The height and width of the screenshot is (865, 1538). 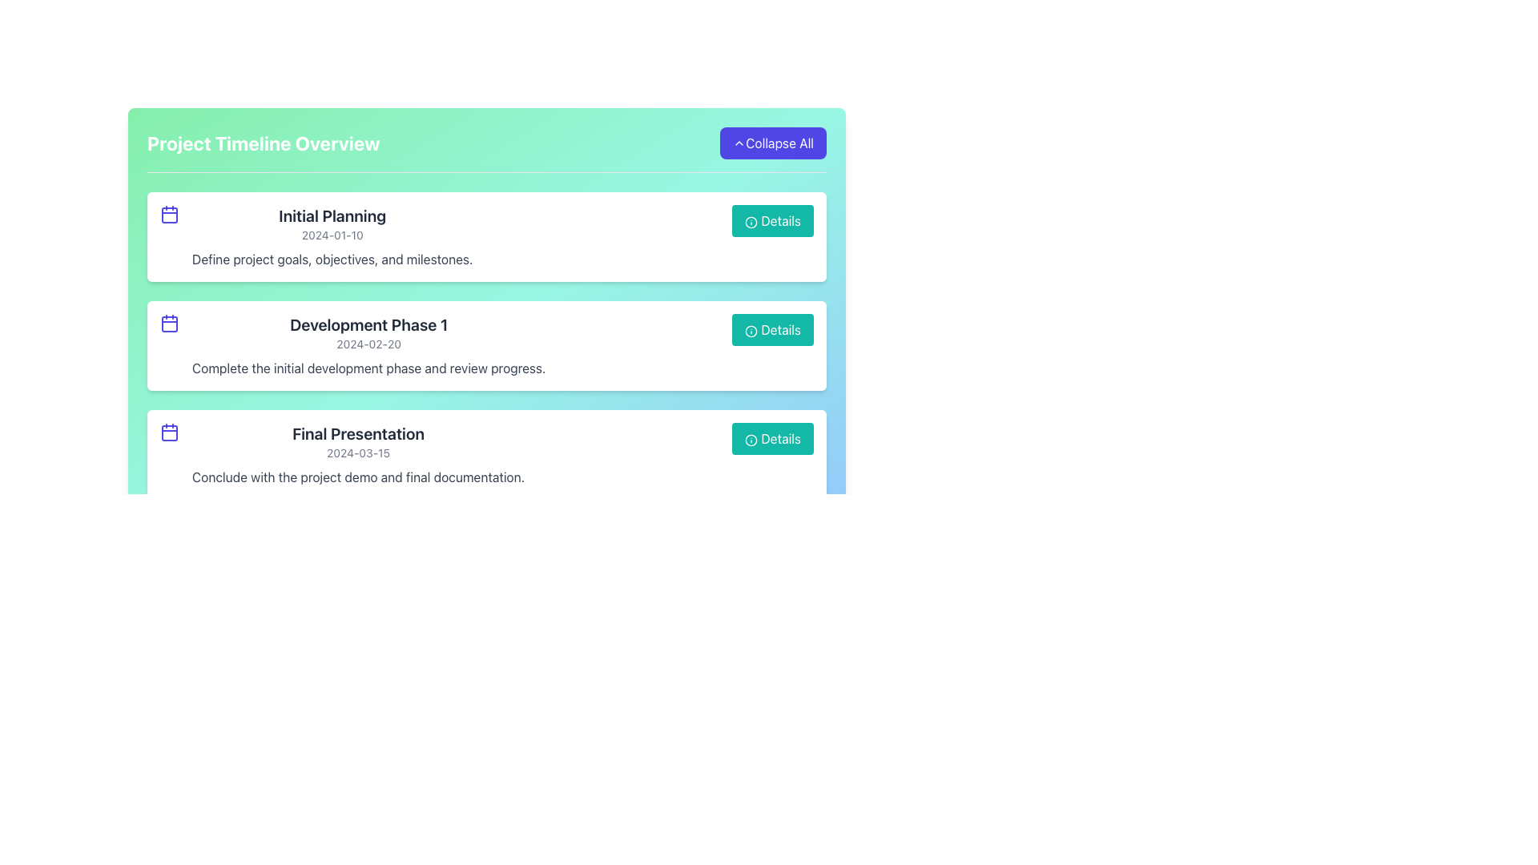 I want to click on the SVG rectangle element within the calendar icon associated with the 'Initial Planning' event, located at the top of the vertical sequence on the left side of the list items, so click(x=169, y=215).